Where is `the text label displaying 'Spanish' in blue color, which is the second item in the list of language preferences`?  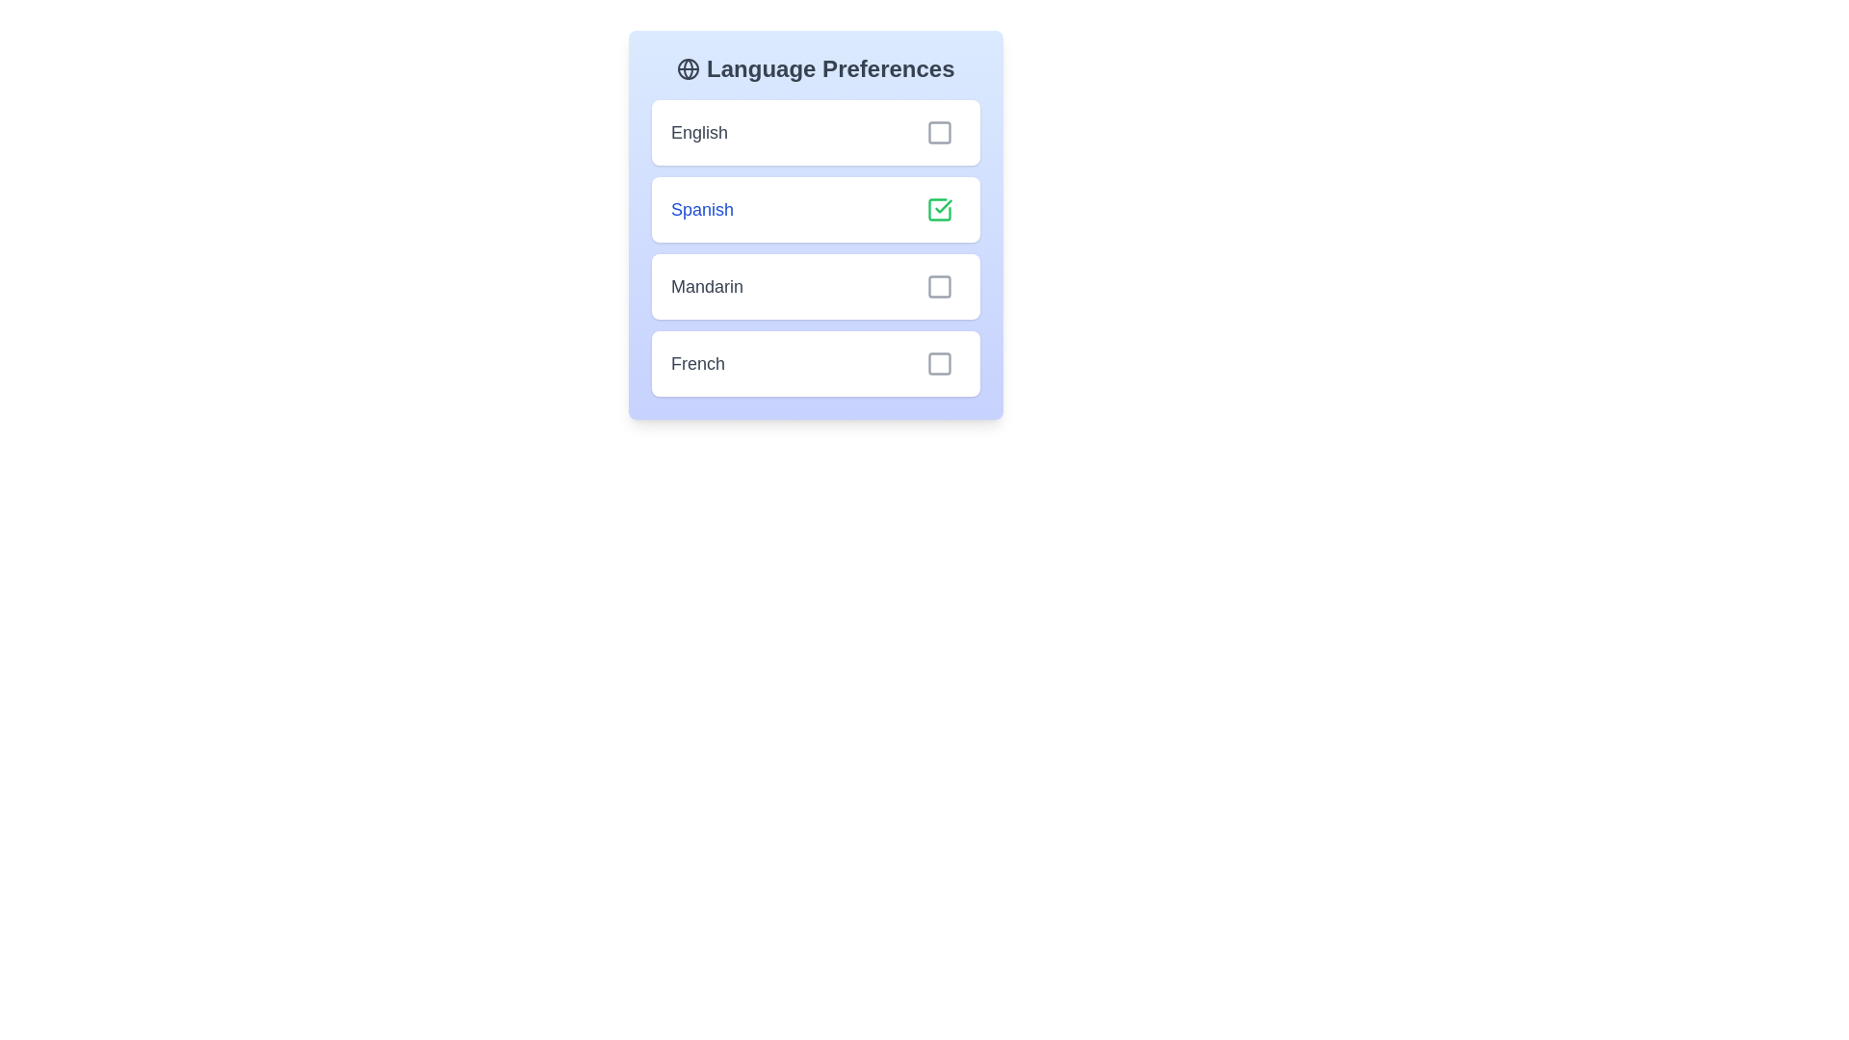
the text label displaying 'Spanish' in blue color, which is the second item in the list of language preferences is located at coordinates (701, 210).